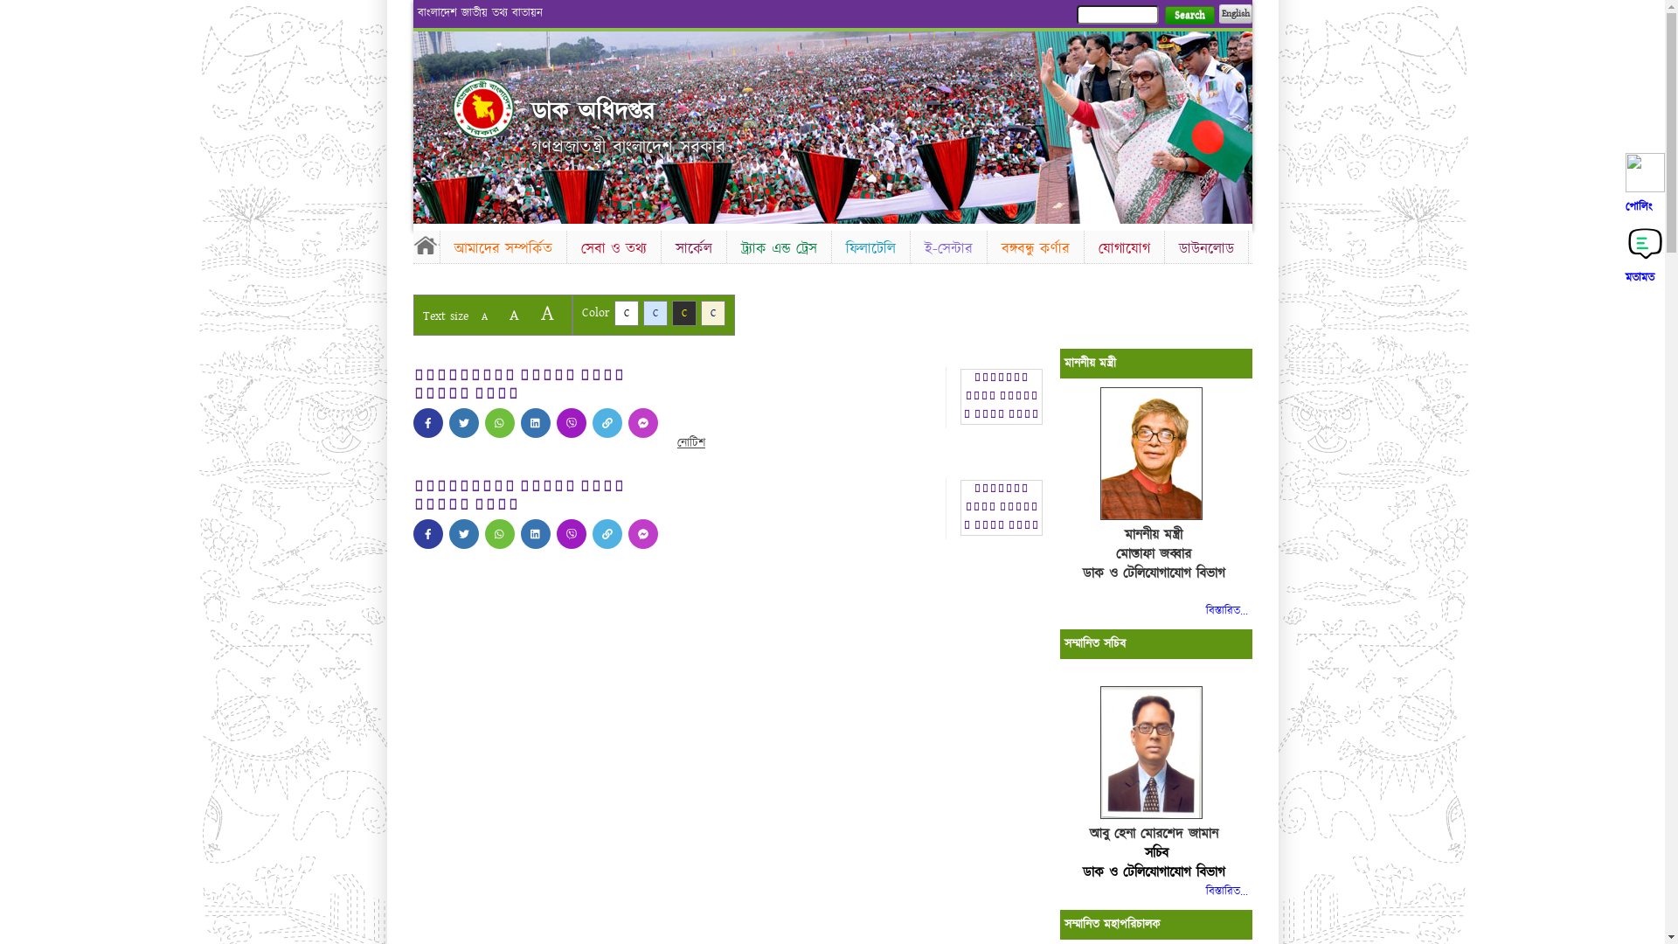 The height and width of the screenshot is (944, 1678). I want to click on 'Search', so click(1189, 15).